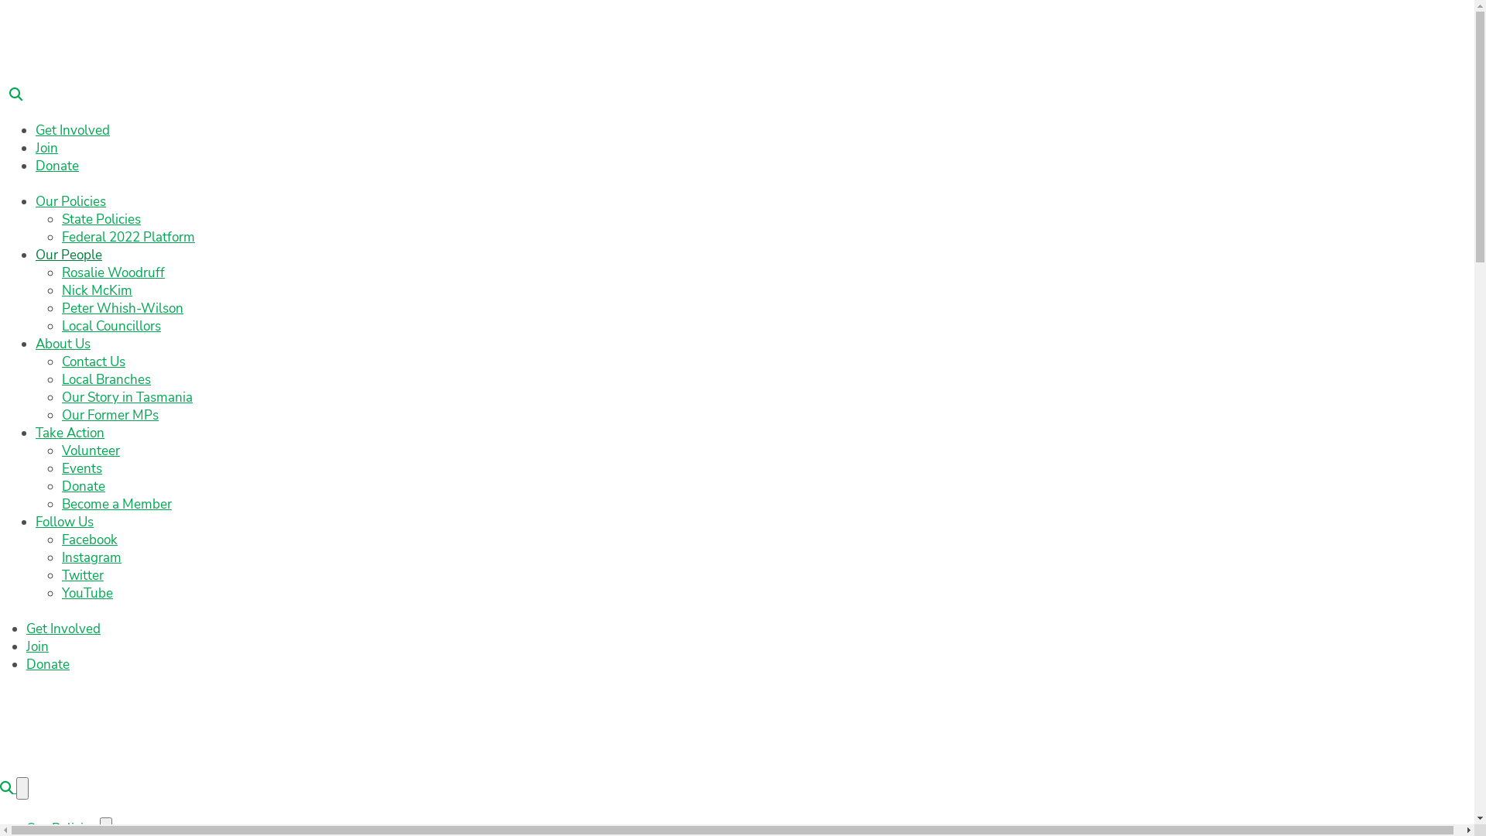 This screenshot has width=1486, height=836. Describe the element at coordinates (80, 468) in the screenshot. I see `'Events'` at that location.